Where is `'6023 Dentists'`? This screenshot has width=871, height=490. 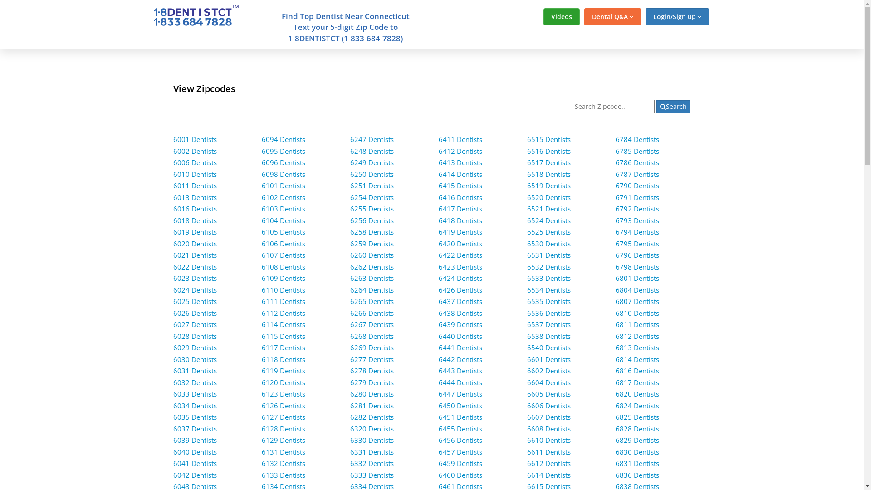 '6023 Dentists' is located at coordinates (195, 278).